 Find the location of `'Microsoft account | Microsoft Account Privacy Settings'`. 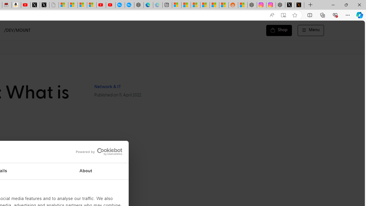

'Microsoft account | Microsoft Account Privacy Settings' is located at coordinates (176, 5).